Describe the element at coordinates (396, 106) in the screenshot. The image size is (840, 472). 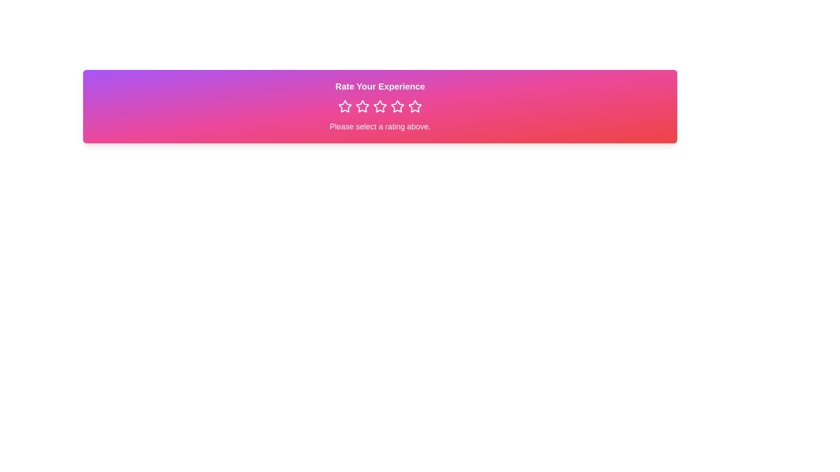
I see `the highlighted fourth star in the Rating Star Icon series` at that location.